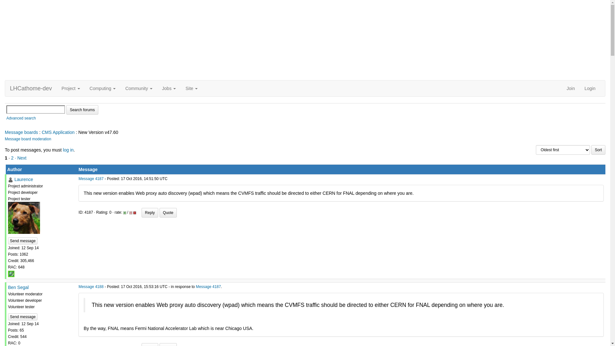  What do you see at coordinates (134, 213) in the screenshot?
I see `'Report this post as offensive'` at bounding box center [134, 213].